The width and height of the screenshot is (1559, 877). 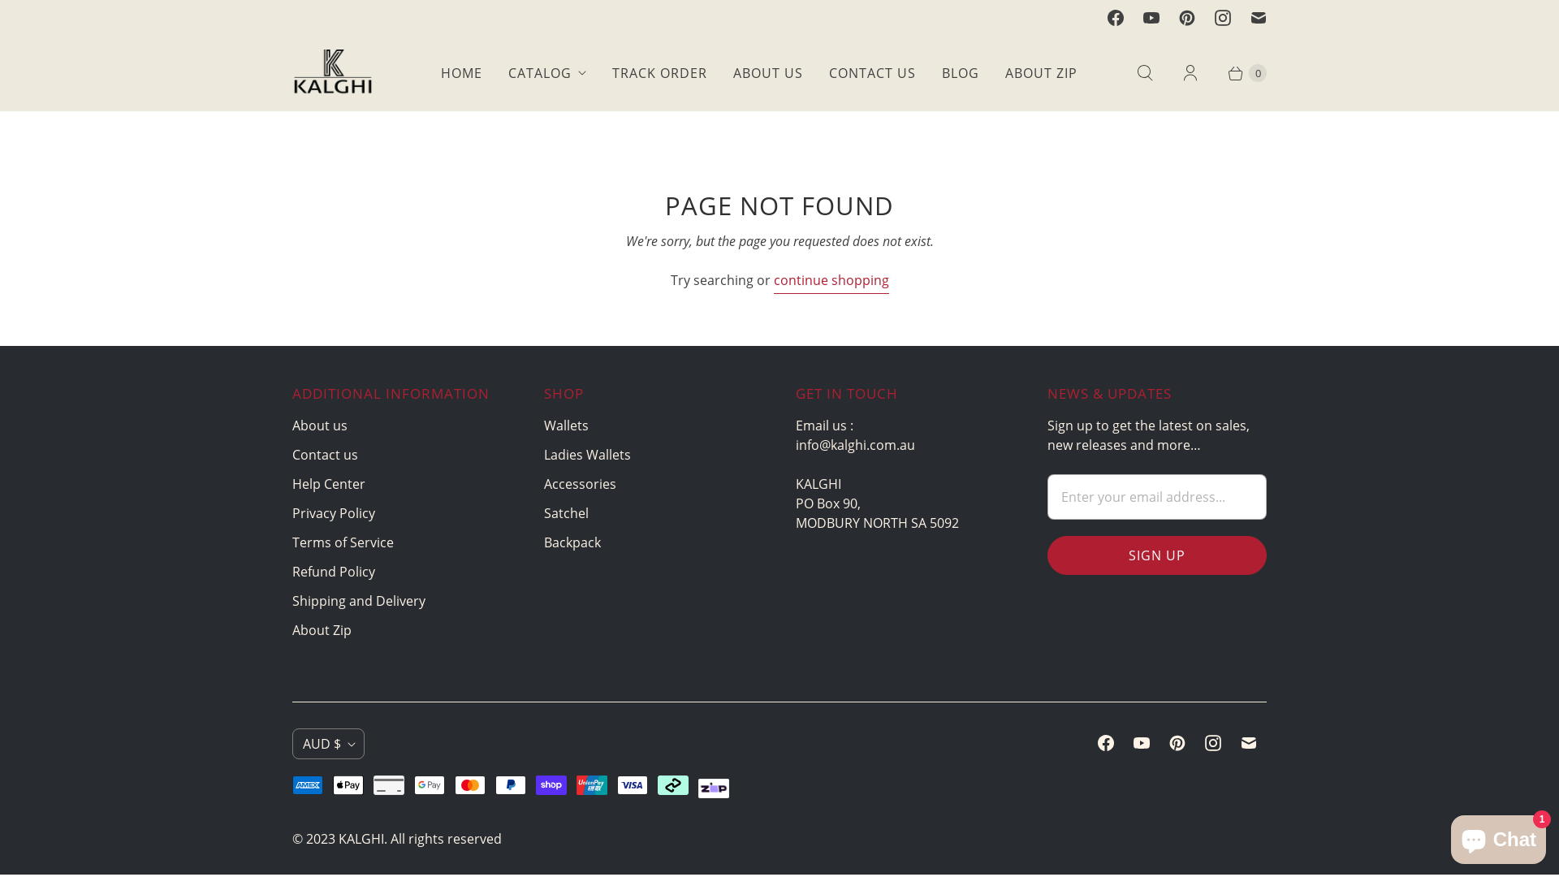 What do you see at coordinates (292, 629) in the screenshot?
I see `'About Zip'` at bounding box center [292, 629].